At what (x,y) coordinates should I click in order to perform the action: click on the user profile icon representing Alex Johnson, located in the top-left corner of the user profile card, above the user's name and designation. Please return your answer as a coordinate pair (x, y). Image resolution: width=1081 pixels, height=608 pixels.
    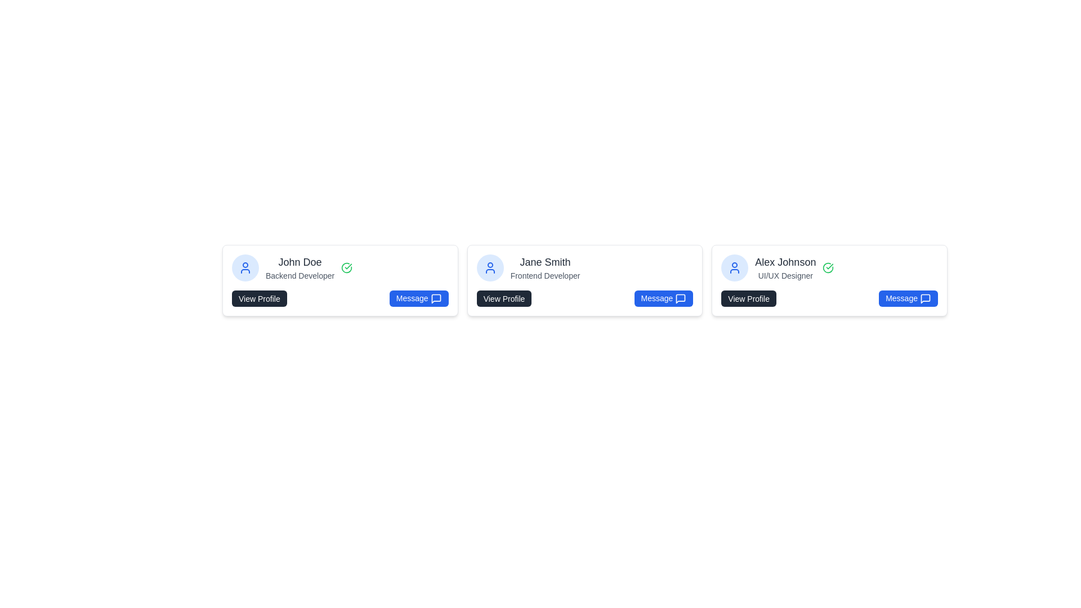
    Looking at the image, I should click on (735, 267).